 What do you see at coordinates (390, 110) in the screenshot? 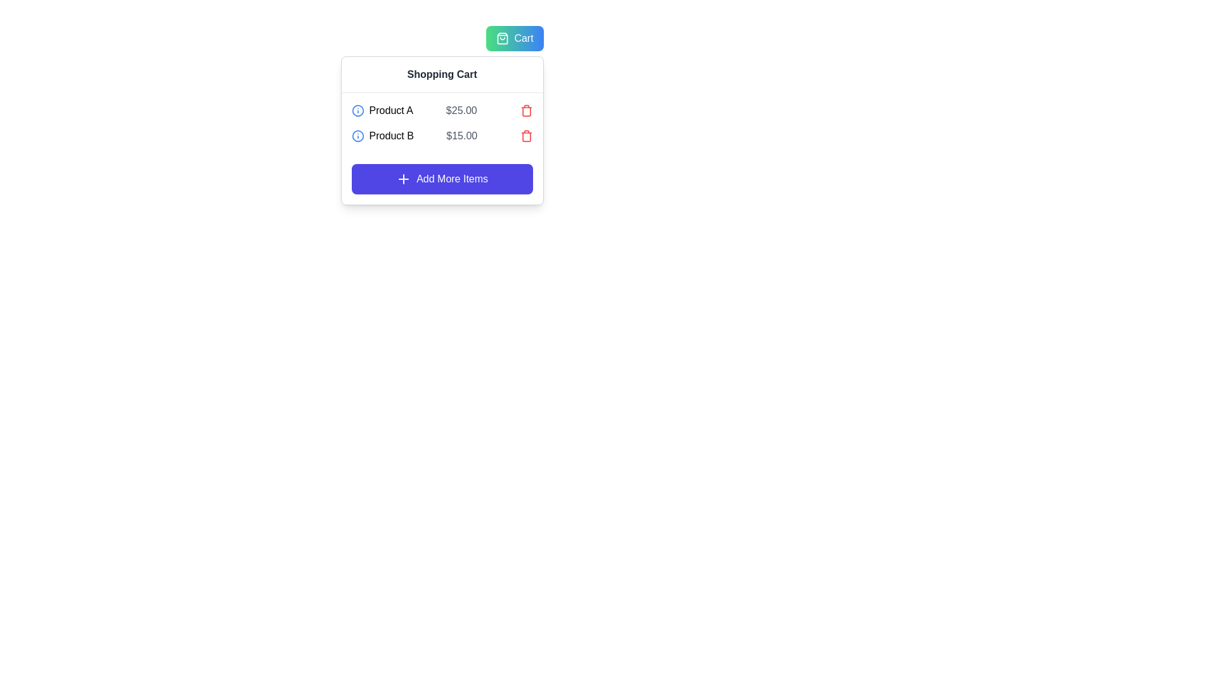
I see `the text label displaying the name of 'Product A' in the shopping cart widget, which is positioned to the left of 'Product B'` at bounding box center [390, 110].